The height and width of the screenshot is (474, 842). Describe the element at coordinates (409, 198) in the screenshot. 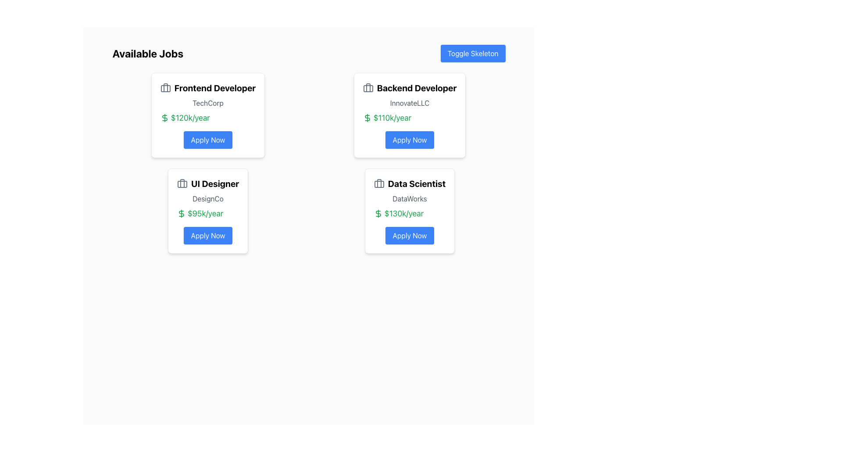

I see `the text label displaying 'DataWorks' located beneath the 'Data Scientist' title in the job card layout` at that location.